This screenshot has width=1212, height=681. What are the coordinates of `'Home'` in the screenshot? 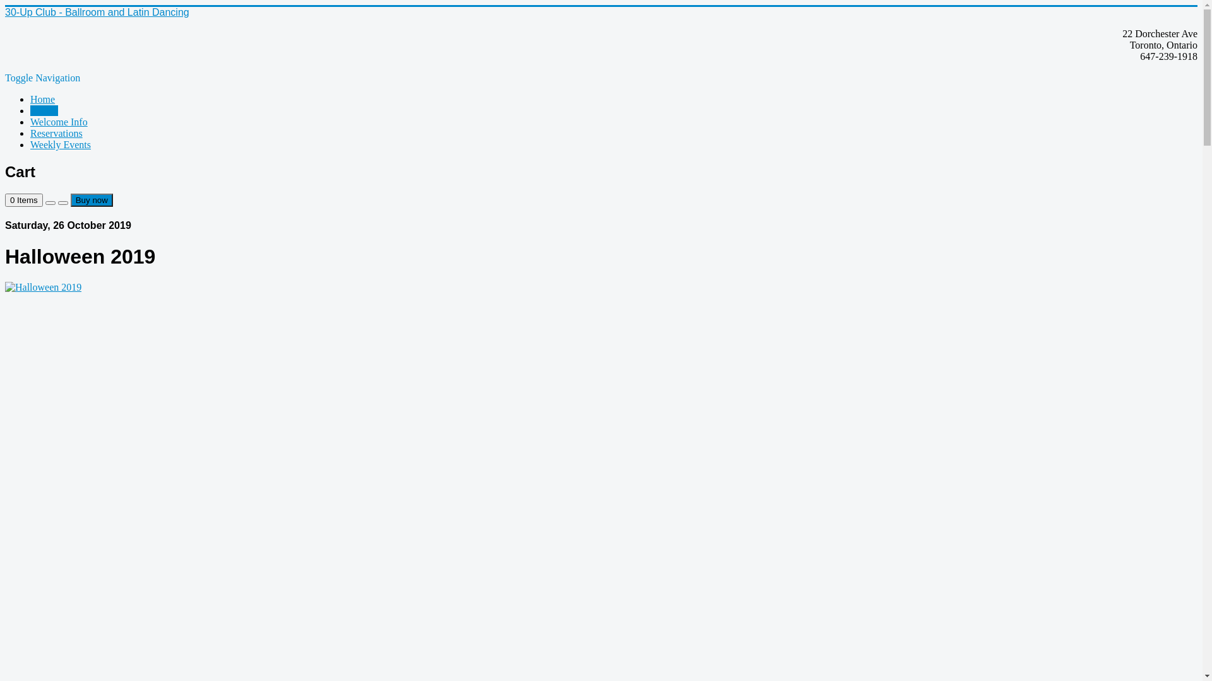 It's located at (30, 98).